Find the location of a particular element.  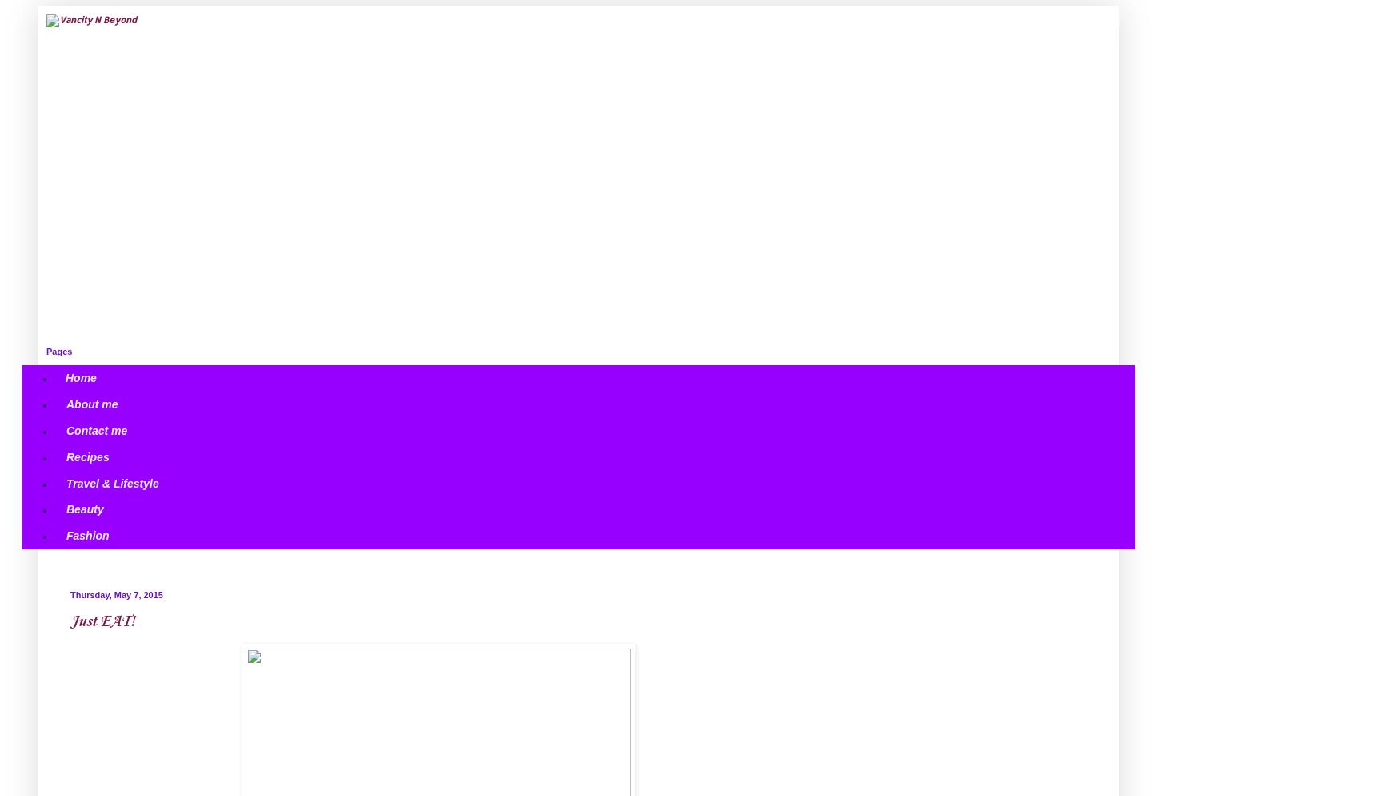

'Travel & Lifestyle' is located at coordinates (112, 482).